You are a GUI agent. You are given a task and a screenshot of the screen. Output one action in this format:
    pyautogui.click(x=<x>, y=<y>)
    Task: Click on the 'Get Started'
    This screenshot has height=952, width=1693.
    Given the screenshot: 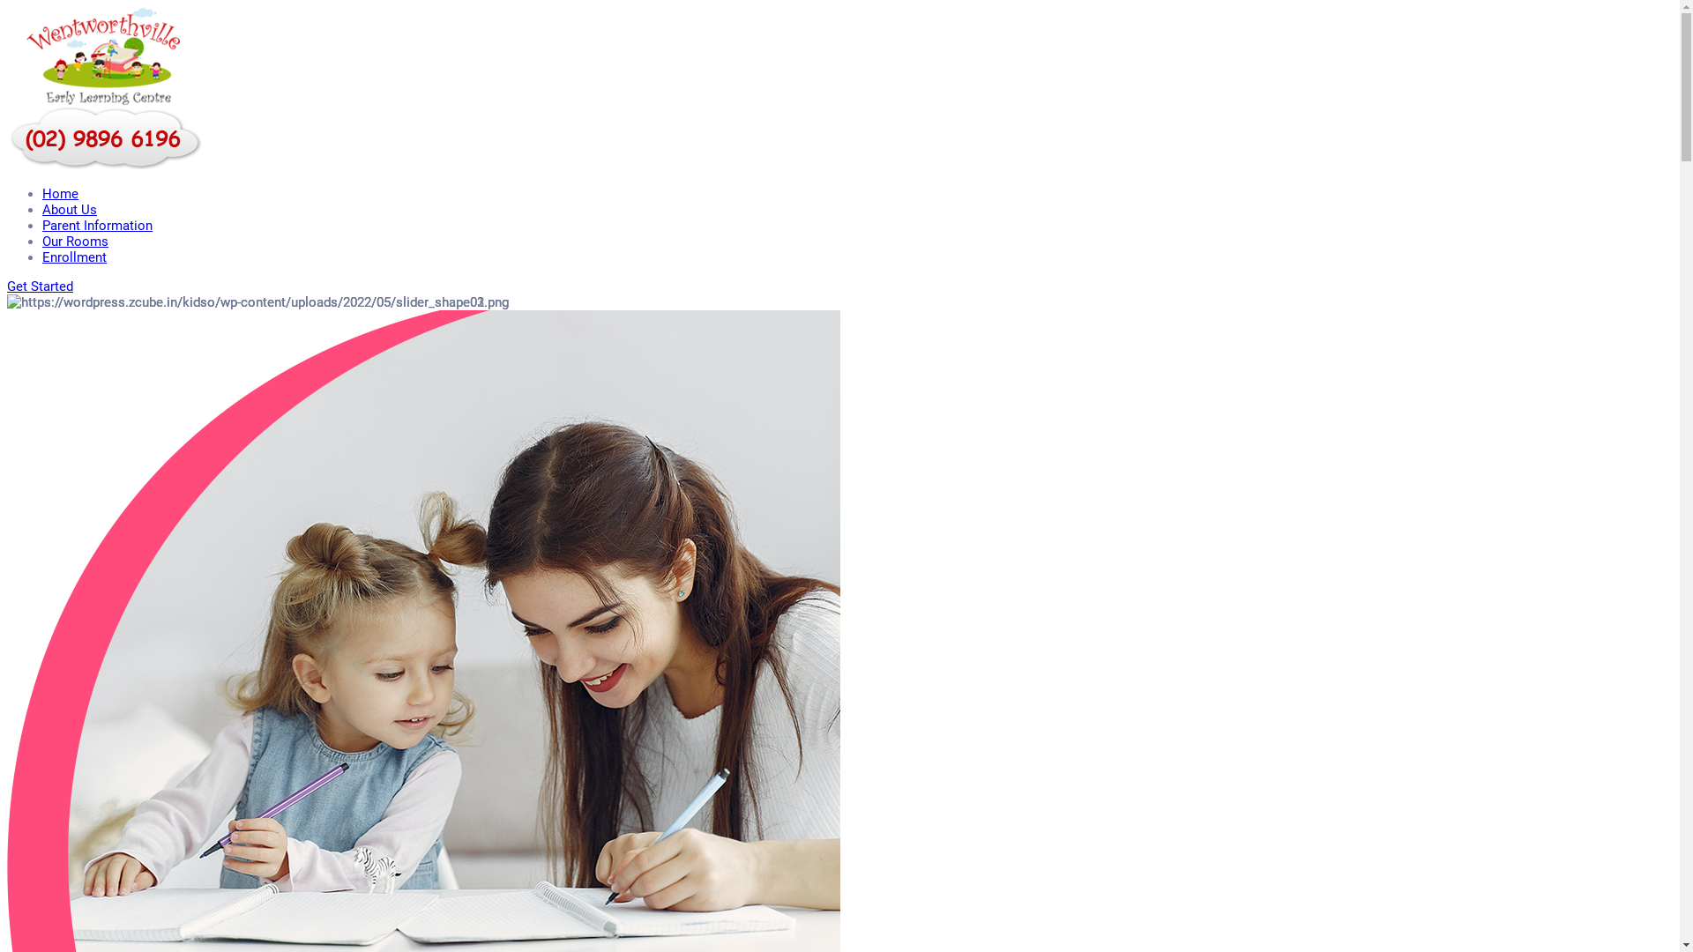 What is the action you would take?
    pyautogui.click(x=40, y=285)
    